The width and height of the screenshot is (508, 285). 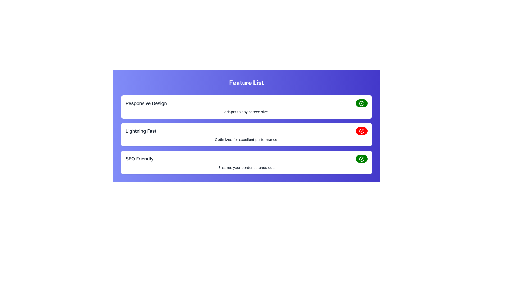 What do you see at coordinates (361, 131) in the screenshot?
I see `the interactive button indicating an inactive state located to the right of the text 'Lightning Fast' in the middle row of the feature list` at bounding box center [361, 131].